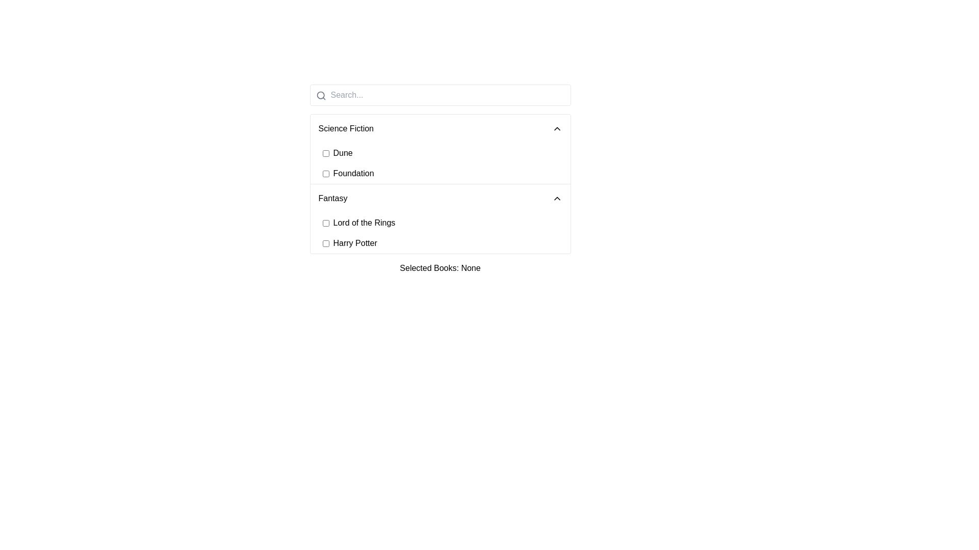  Describe the element at coordinates (346, 128) in the screenshot. I see `the static text element that denotes the title of the 'Science Fiction' category in the dropdown` at that location.